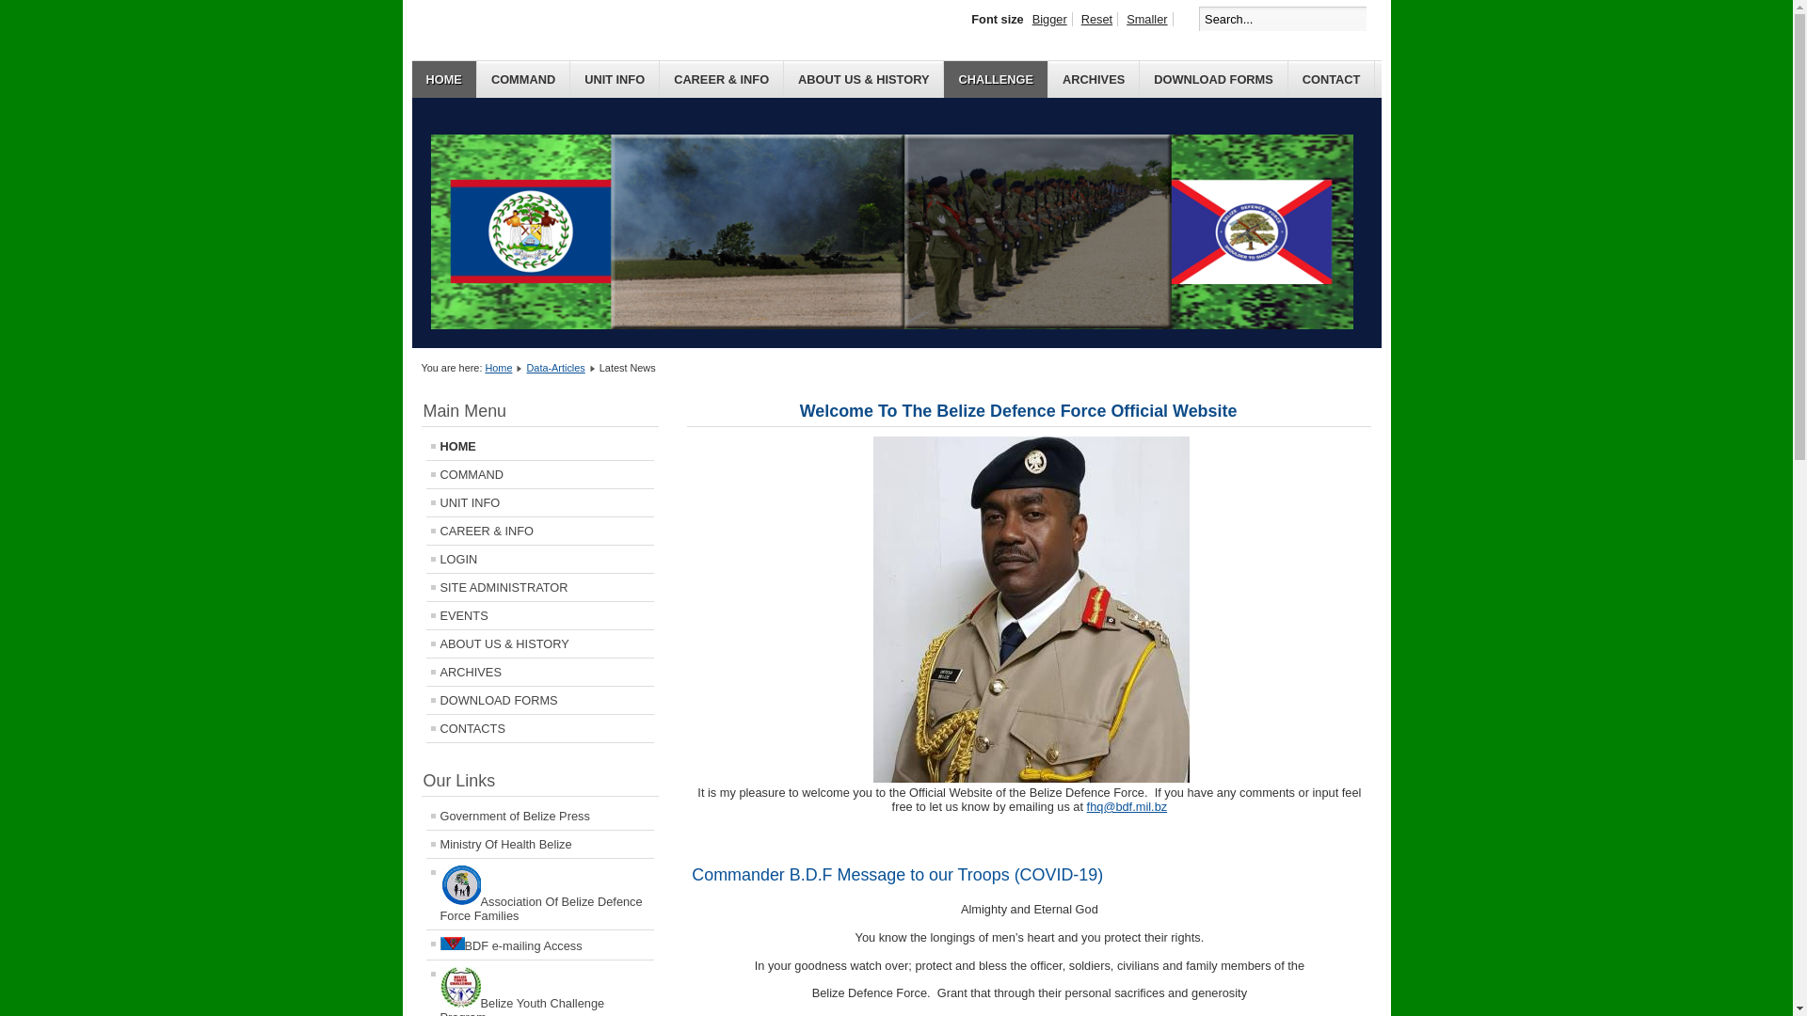  Describe the element at coordinates (1146, 19) in the screenshot. I see `'Smaller'` at that location.